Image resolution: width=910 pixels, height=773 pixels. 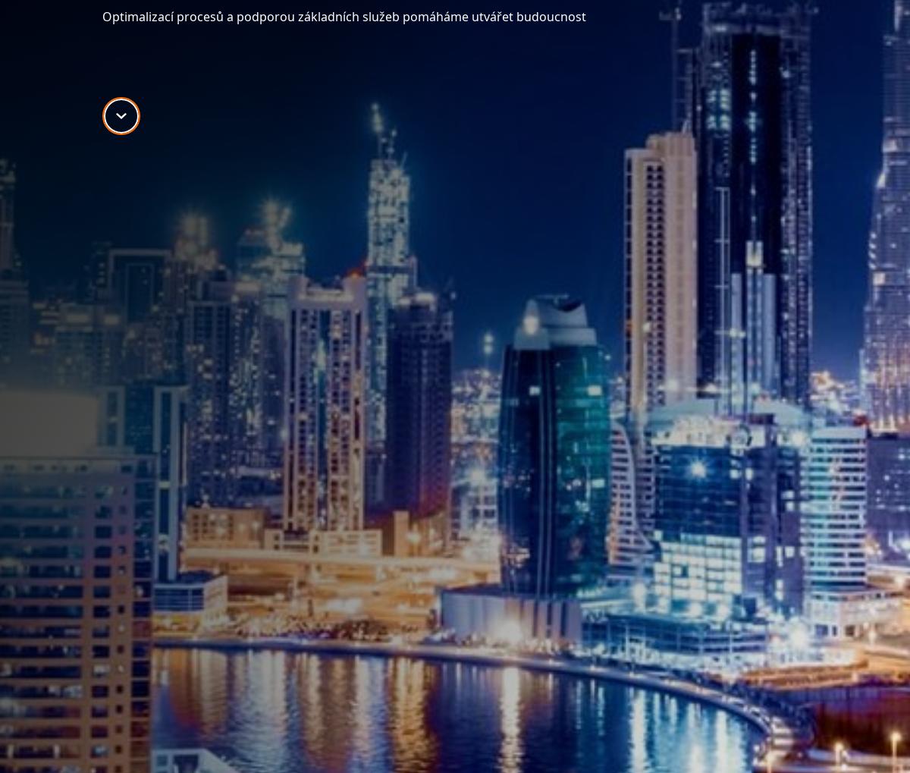 I want to click on 'Sustainability', so click(x=222, y=322).